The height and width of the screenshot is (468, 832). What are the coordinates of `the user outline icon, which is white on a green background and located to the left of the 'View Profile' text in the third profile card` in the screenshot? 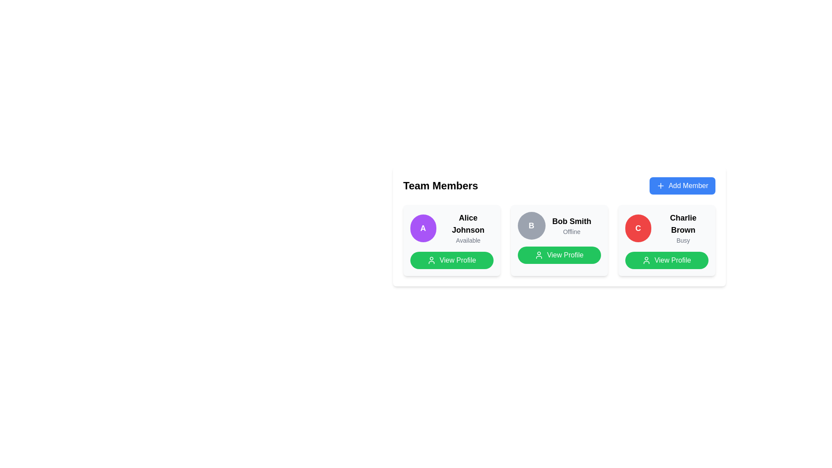 It's located at (432, 260).